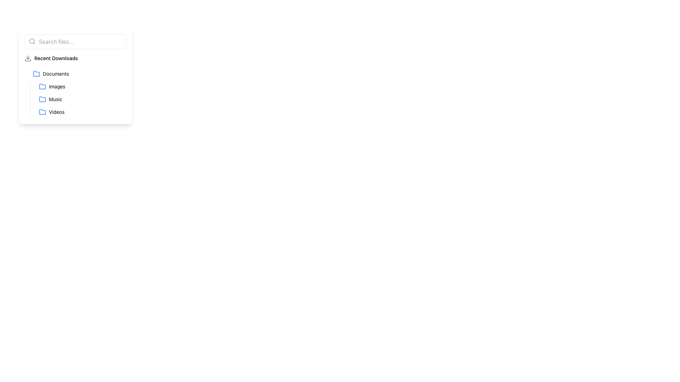  I want to click on the folder icon representing the 'Images' folder, so click(42, 86).